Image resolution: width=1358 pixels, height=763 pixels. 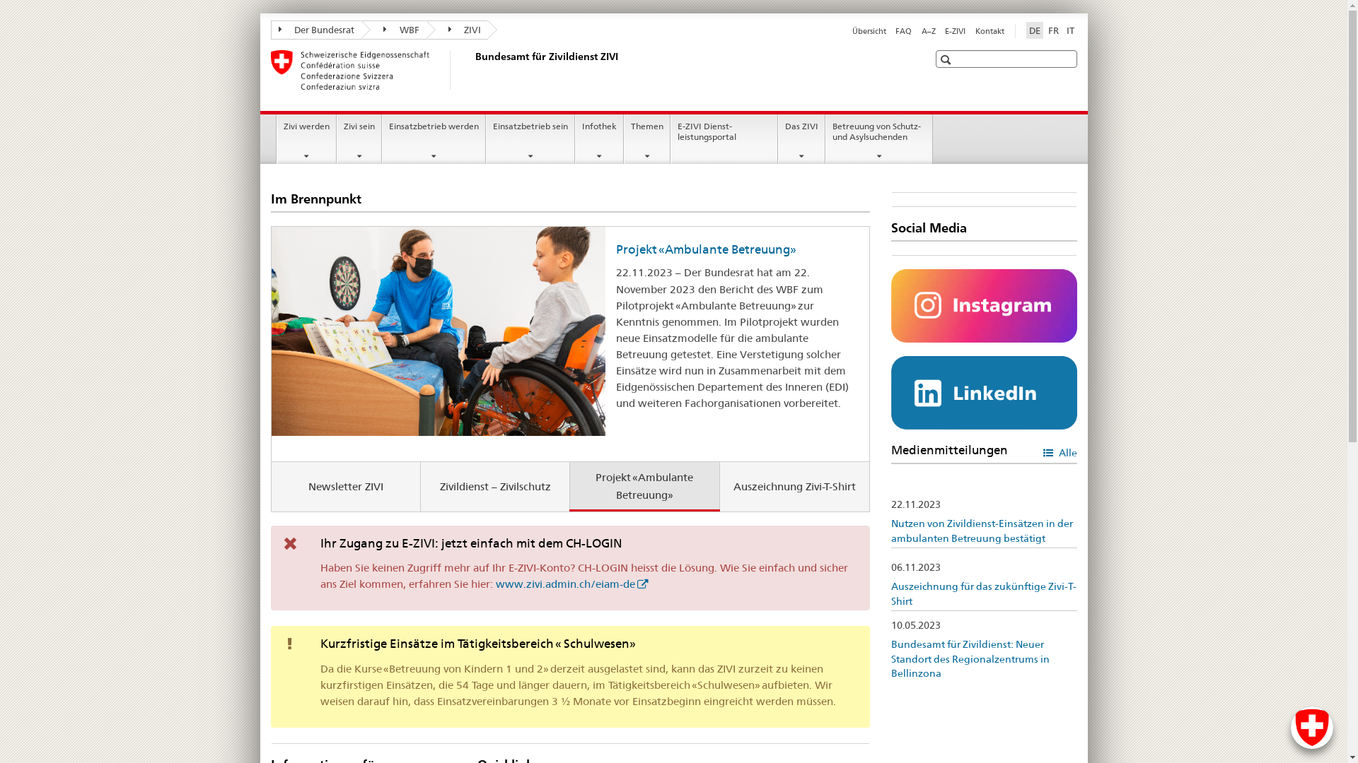 I want to click on 'Newsletter ZIVI', so click(x=346, y=485).